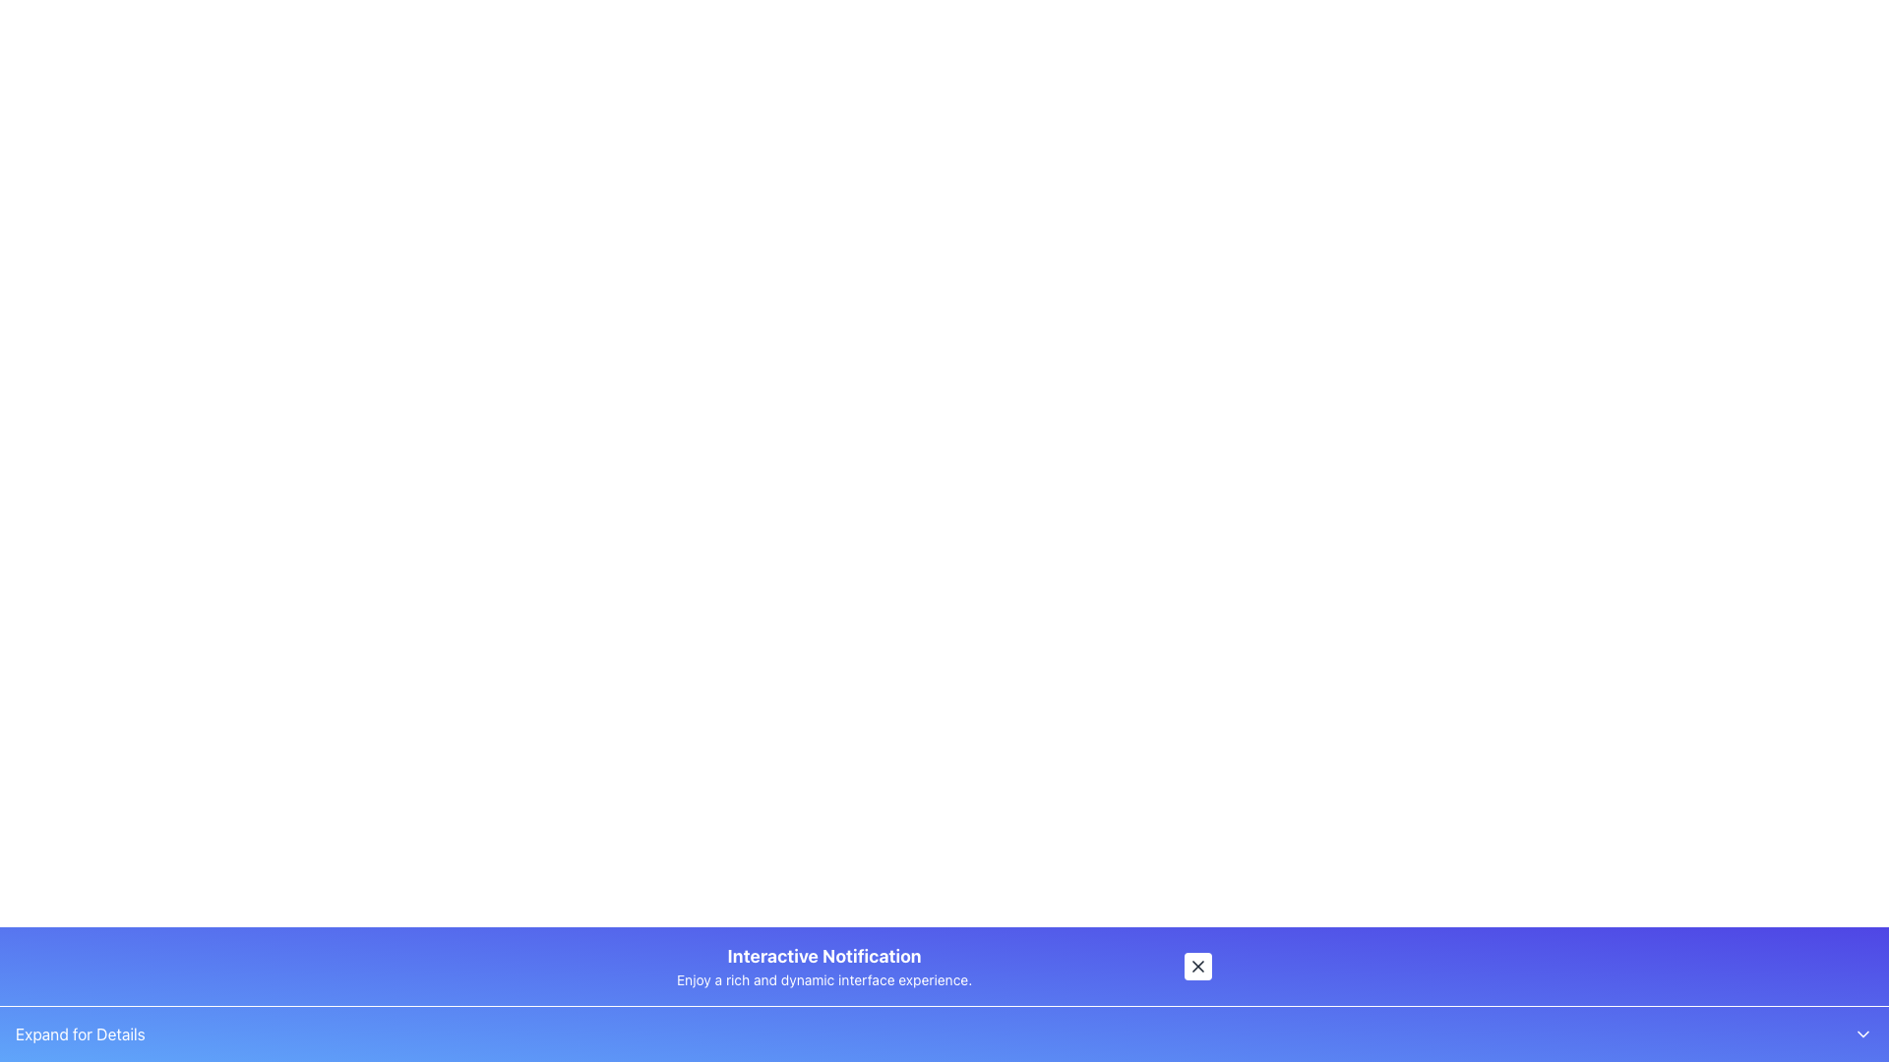  What do you see at coordinates (824, 966) in the screenshot?
I see `the text element that contains 'Interactive Notification' in a larger, bold font and 'Enjoy a rich and dynamic interface experience.' in a smaller font, located near the bottom of the interface with a blue gradient background` at bounding box center [824, 966].